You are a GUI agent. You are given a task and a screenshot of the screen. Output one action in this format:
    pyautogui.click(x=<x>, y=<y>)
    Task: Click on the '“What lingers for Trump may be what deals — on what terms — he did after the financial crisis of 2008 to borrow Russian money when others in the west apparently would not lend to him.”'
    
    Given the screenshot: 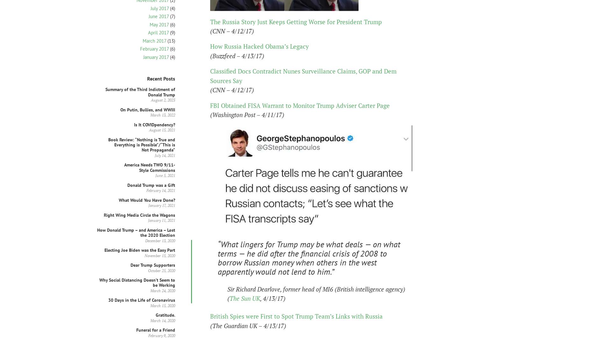 What is the action you would take?
    pyautogui.click(x=309, y=257)
    